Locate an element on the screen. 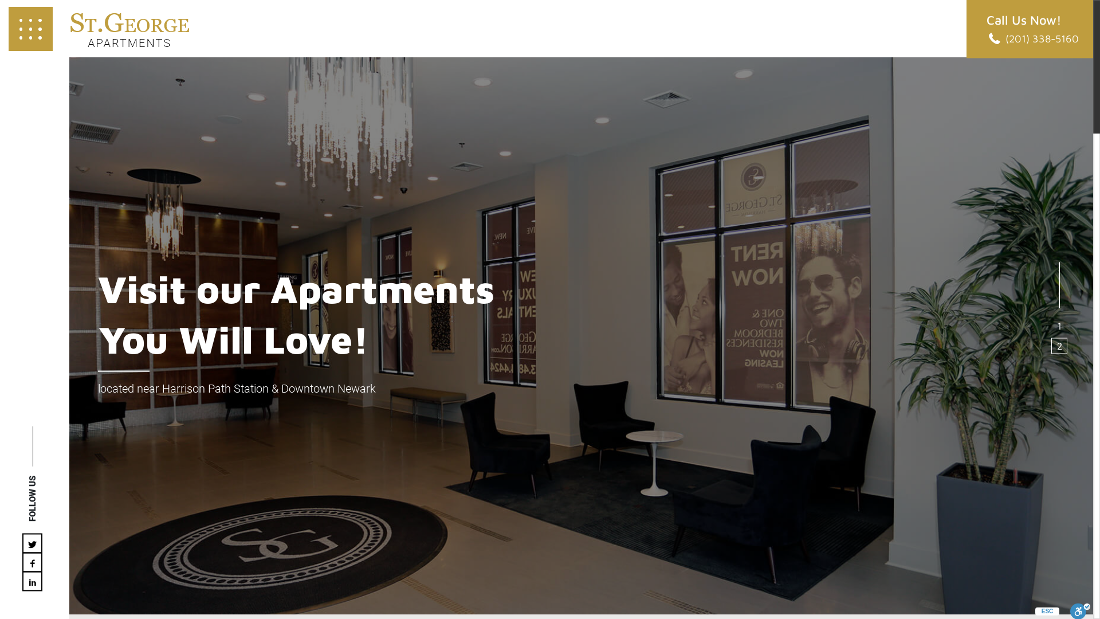  '(201) 338-5160' is located at coordinates (1032, 37).